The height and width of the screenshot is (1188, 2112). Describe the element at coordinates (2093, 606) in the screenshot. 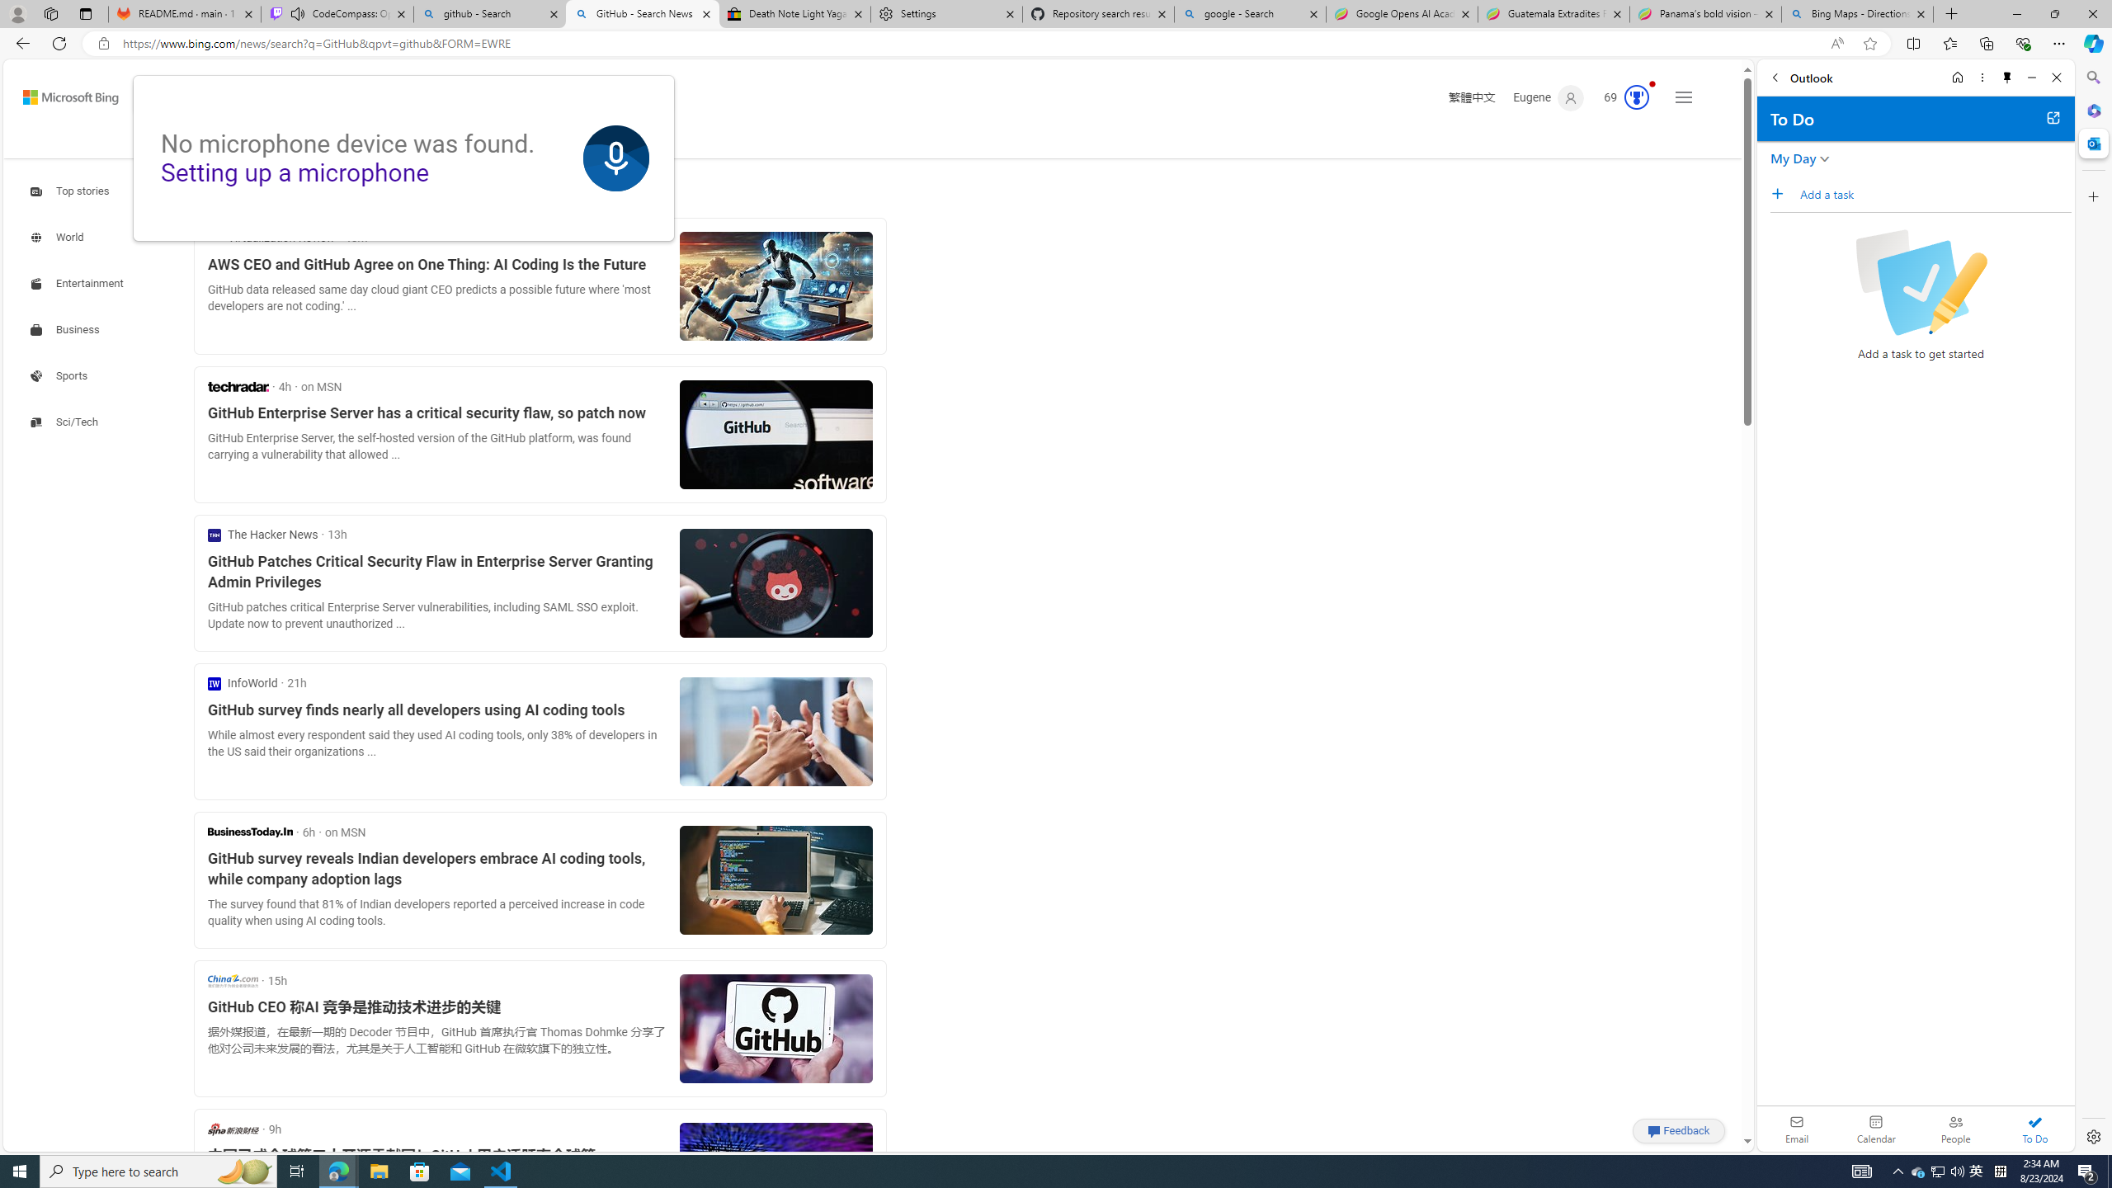

I see `'Side bar'` at that location.